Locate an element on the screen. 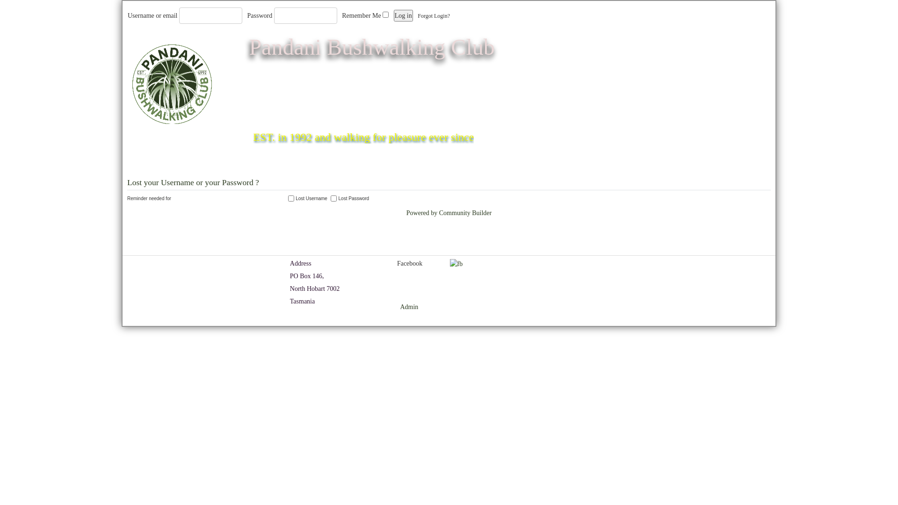  'Forgot Login?' is located at coordinates (417, 16).